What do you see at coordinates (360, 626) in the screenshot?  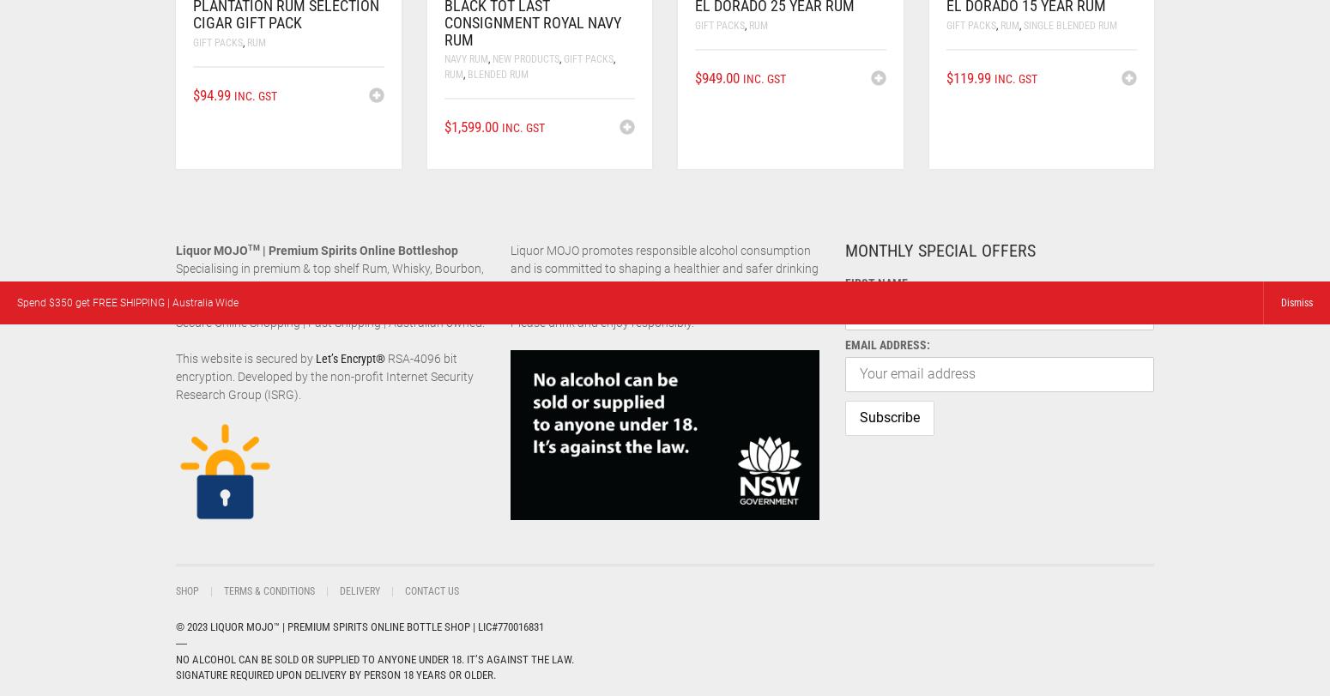 I see `'© 2023 Liquor MOJO™ | Premium Spirits Online Bottle shop | Lic#770016831'` at bounding box center [360, 626].